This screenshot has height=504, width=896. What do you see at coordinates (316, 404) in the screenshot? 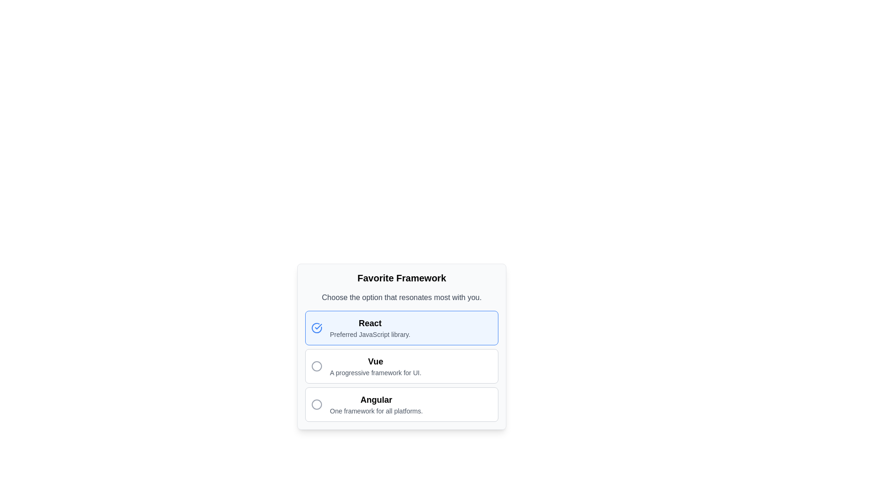
I see `the unselected radio button associated with the 'Angular' option in the three-option selection menu` at bounding box center [316, 404].